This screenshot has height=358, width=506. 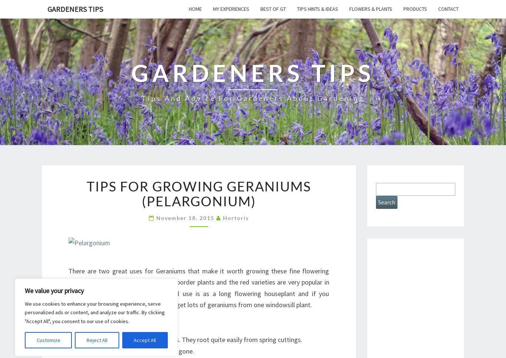 What do you see at coordinates (94, 312) in the screenshot?
I see `'We use cookies to enhance your browsing experience, serve personalized ads or content, and analyze our traffic. By clicking "Accept All", you consent to our use of cookies.'` at bounding box center [94, 312].